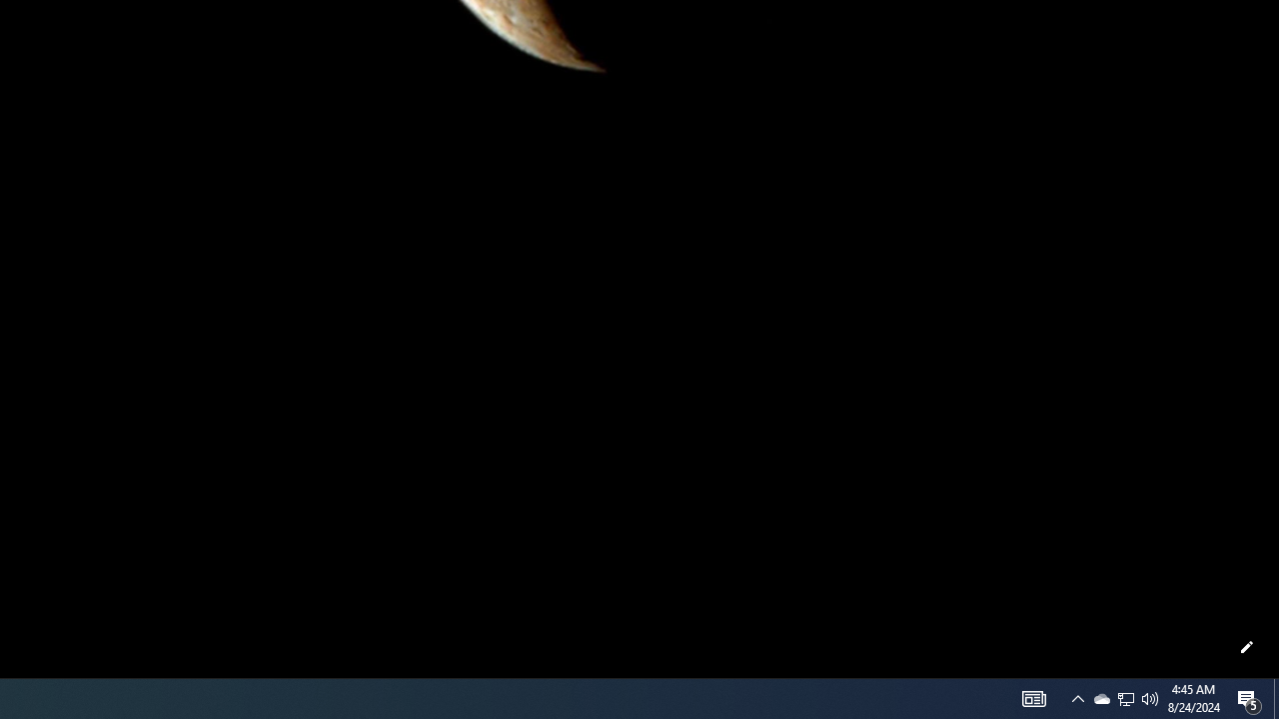 The width and height of the screenshot is (1279, 719). What do you see at coordinates (1246, 647) in the screenshot?
I see `'Customize this page'` at bounding box center [1246, 647].